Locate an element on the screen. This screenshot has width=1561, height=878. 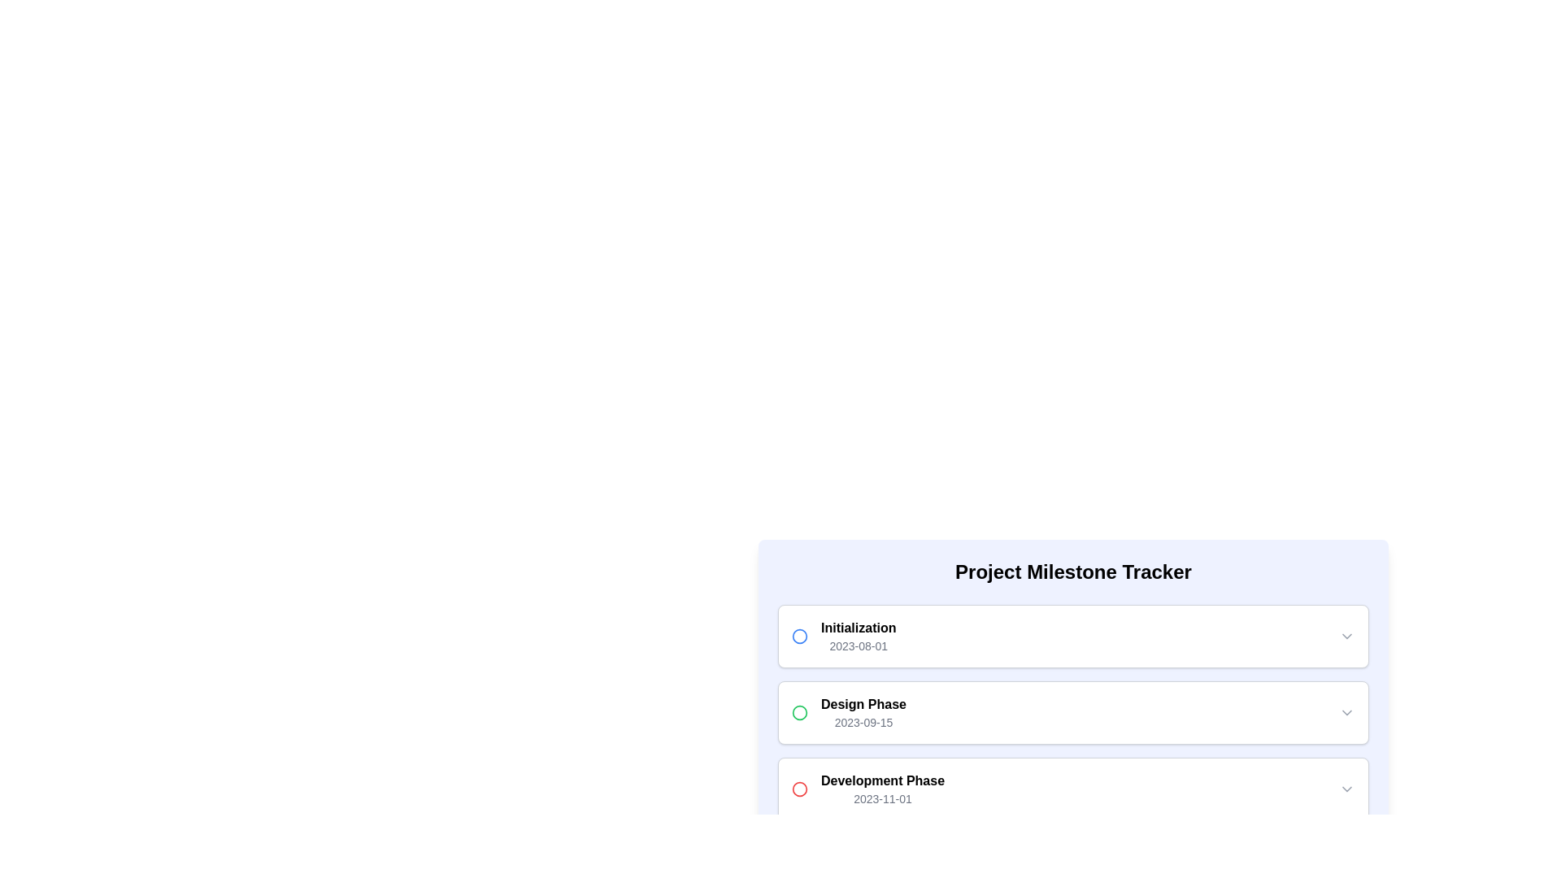
the milestone entry labeled 'Design Phase' with an active status indicator is located at coordinates (848, 711).